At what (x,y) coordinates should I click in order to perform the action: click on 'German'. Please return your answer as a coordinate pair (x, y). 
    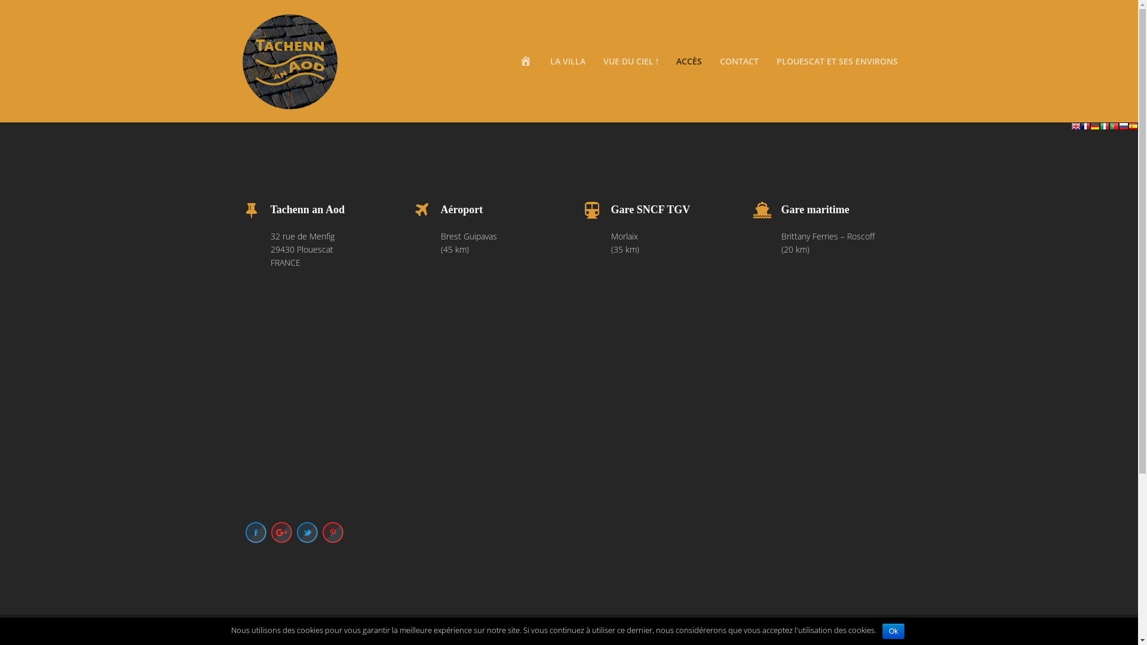
    Looking at the image, I should click on (1095, 129).